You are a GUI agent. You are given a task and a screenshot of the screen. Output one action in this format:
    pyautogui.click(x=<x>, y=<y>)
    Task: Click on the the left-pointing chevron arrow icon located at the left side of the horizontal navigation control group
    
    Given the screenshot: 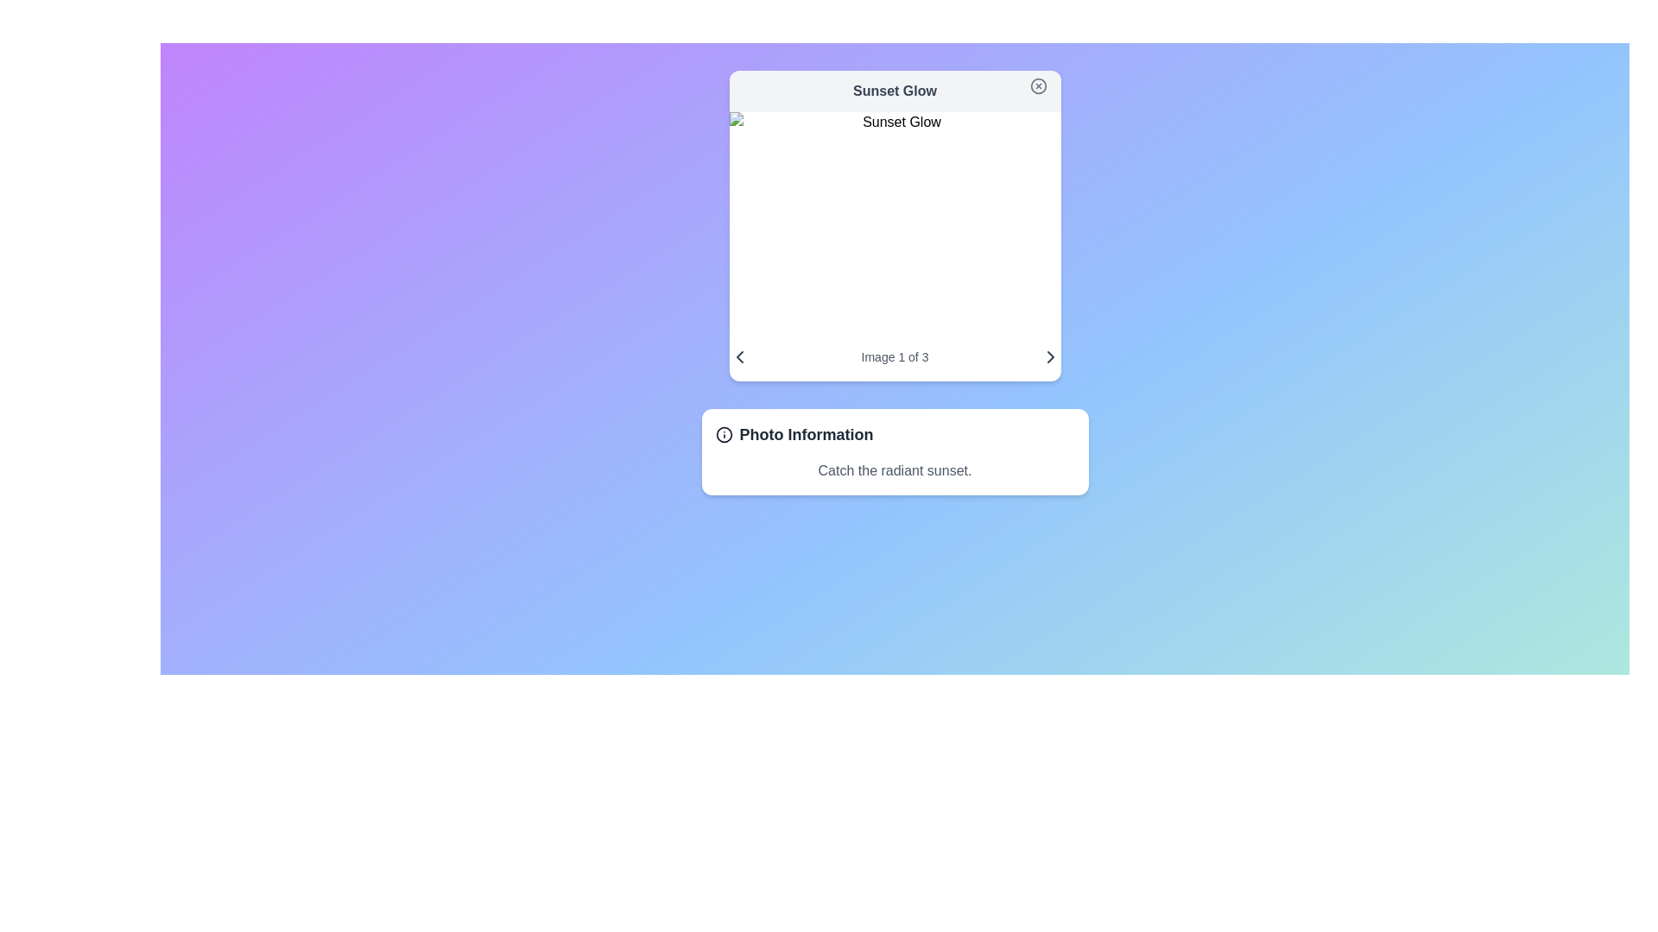 What is the action you would take?
    pyautogui.click(x=739, y=356)
    